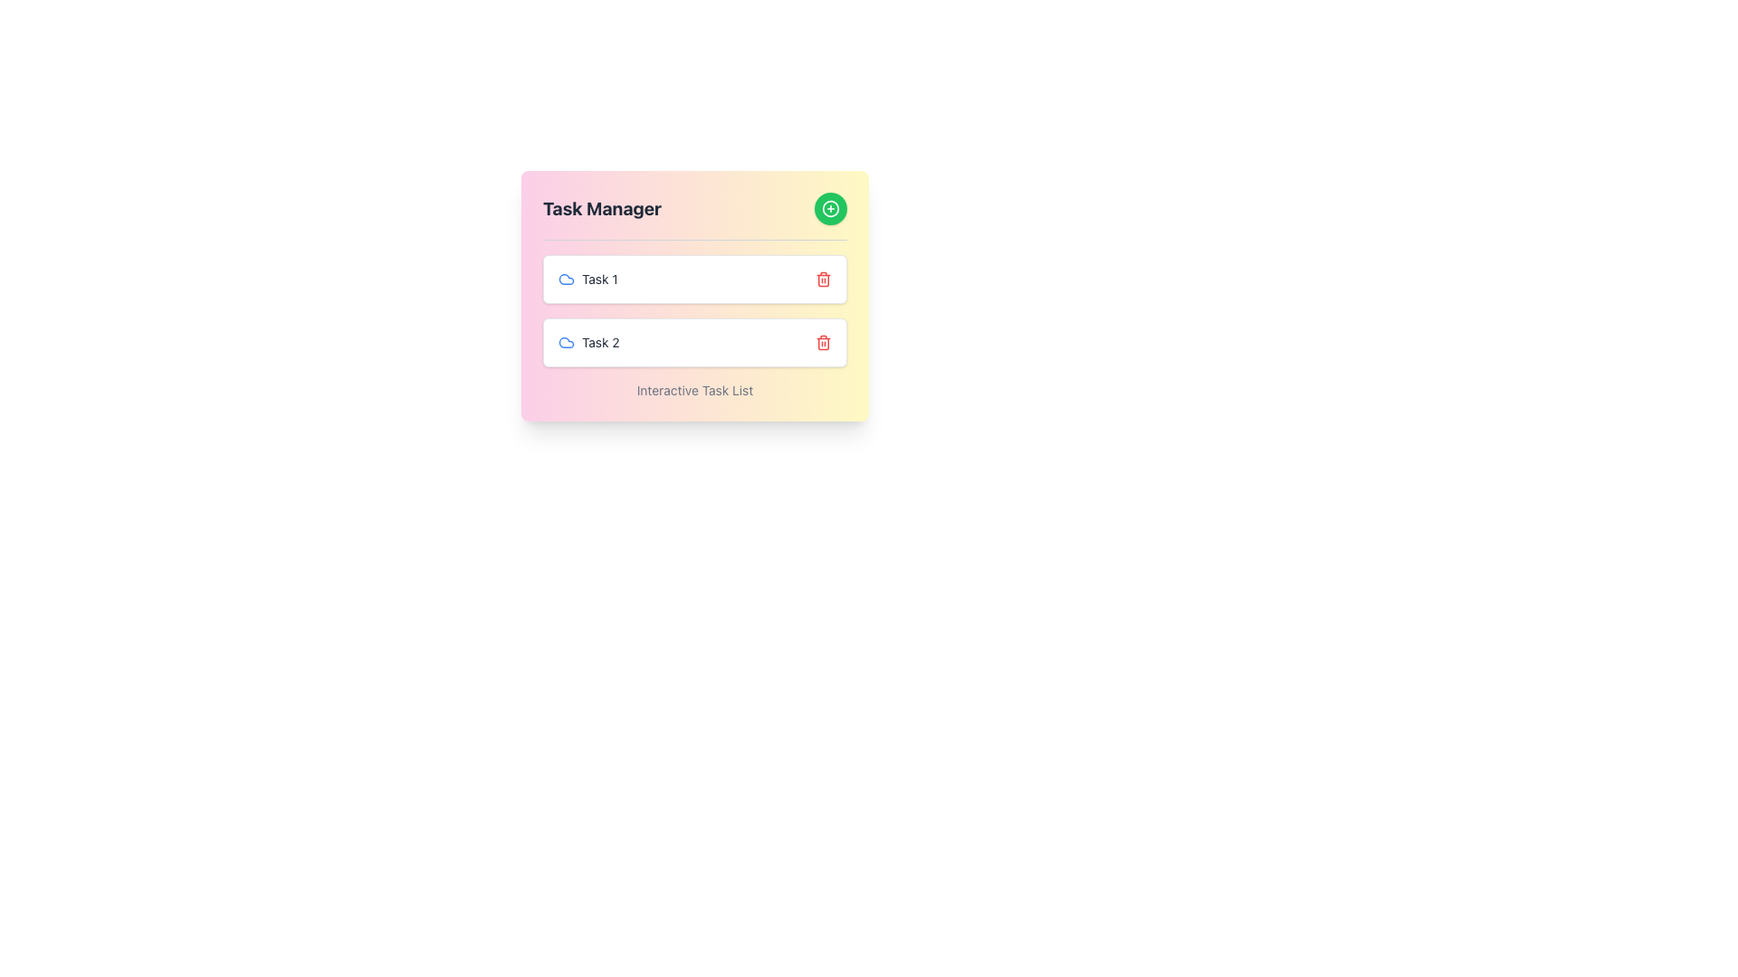  Describe the element at coordinates (588, 342) in the screenshot. I see `text label of the second task item in the task management interface, which is located directly below 'Task 1' and to the right of a blue cloud icon` at that location.